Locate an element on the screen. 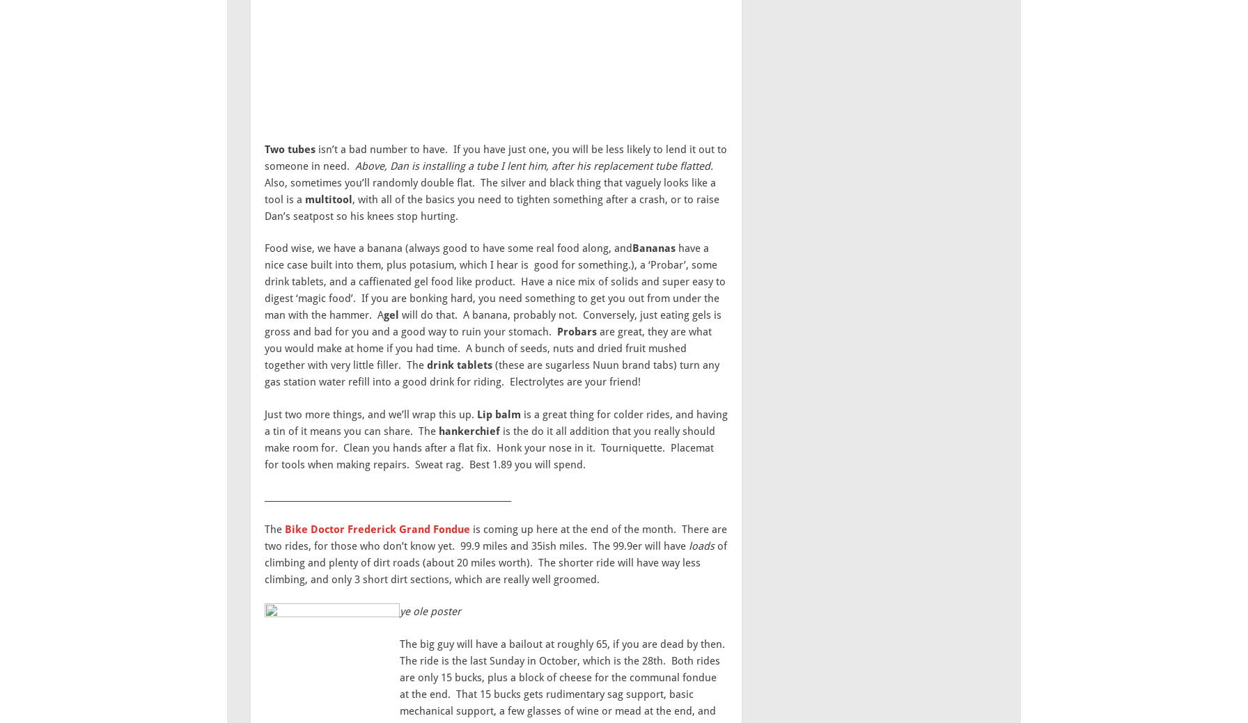 This screenshot has width=1248, height=723. 'drink tablets' is located at coordinates (458, 365).